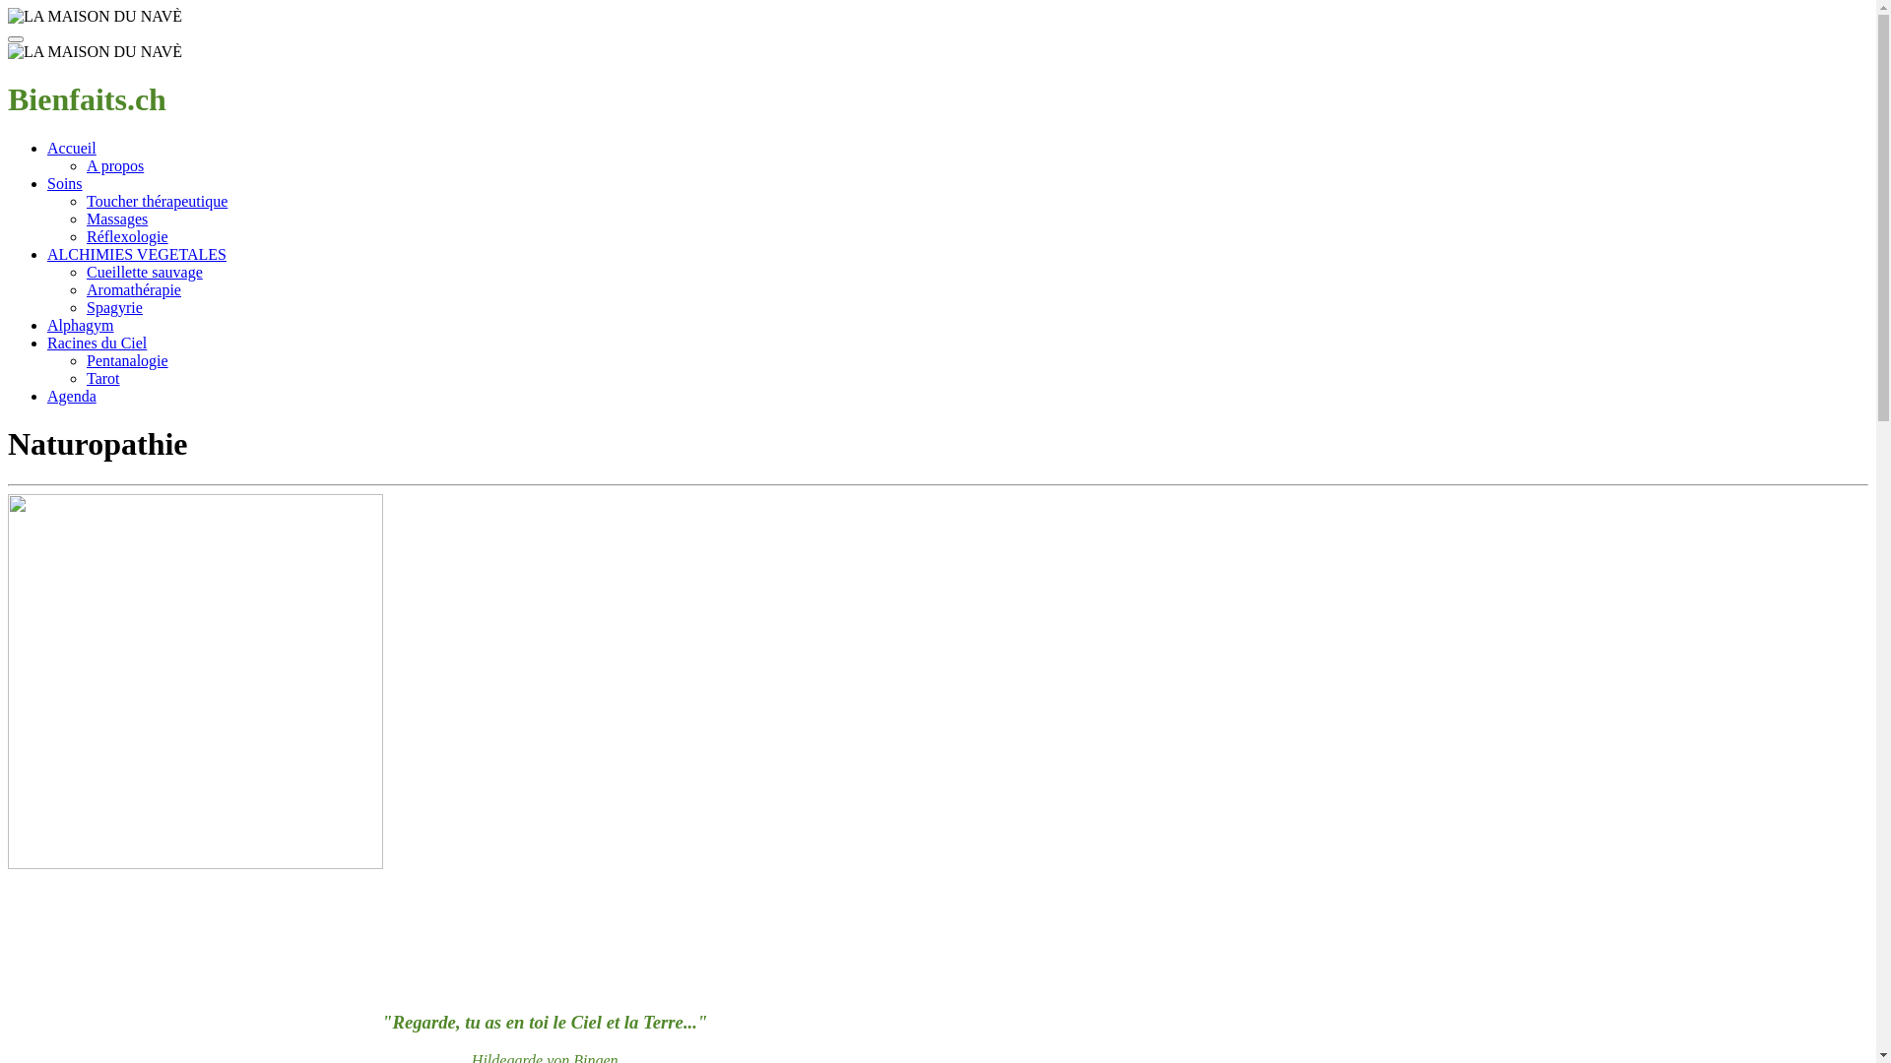  Describe the element at coordinates (116, 219) in the screenshot. I see `'Massages'` at that location.